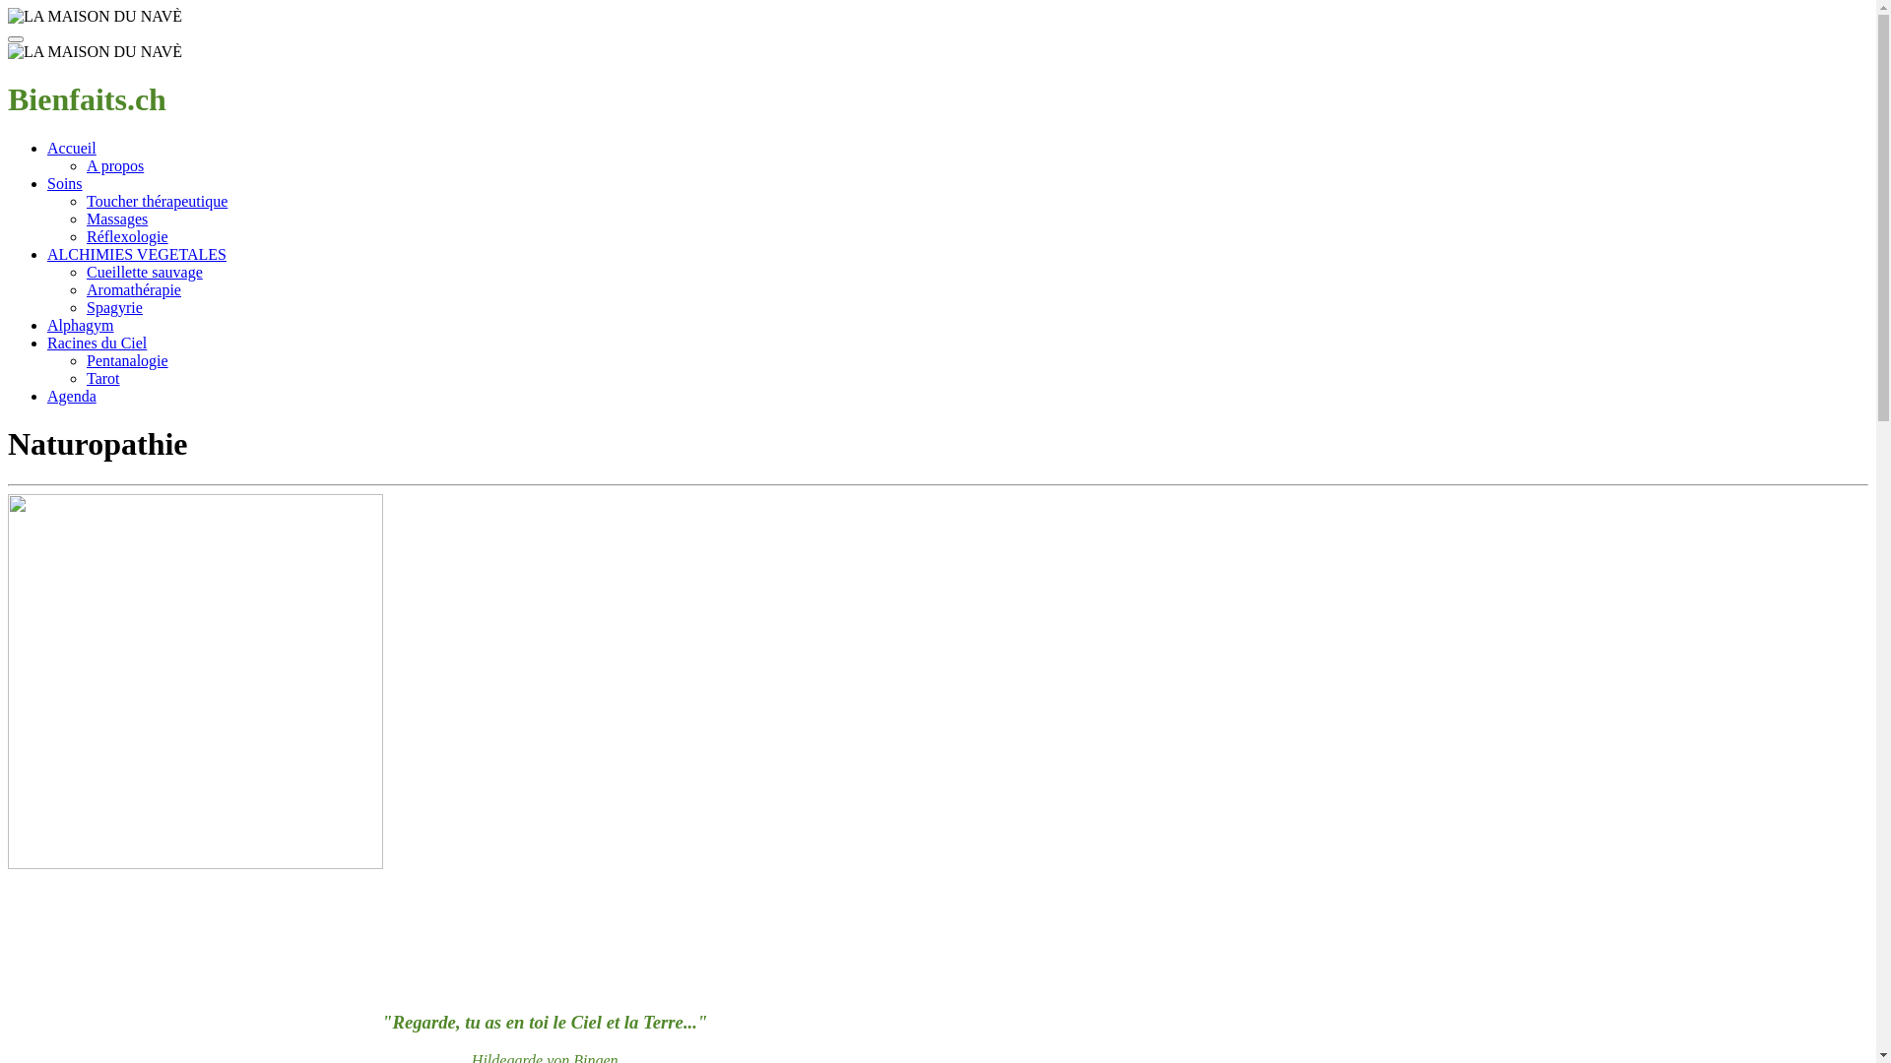  Describe the element at coordinates (116, 219) in the screenshot. I see `'Massages'` at that location.